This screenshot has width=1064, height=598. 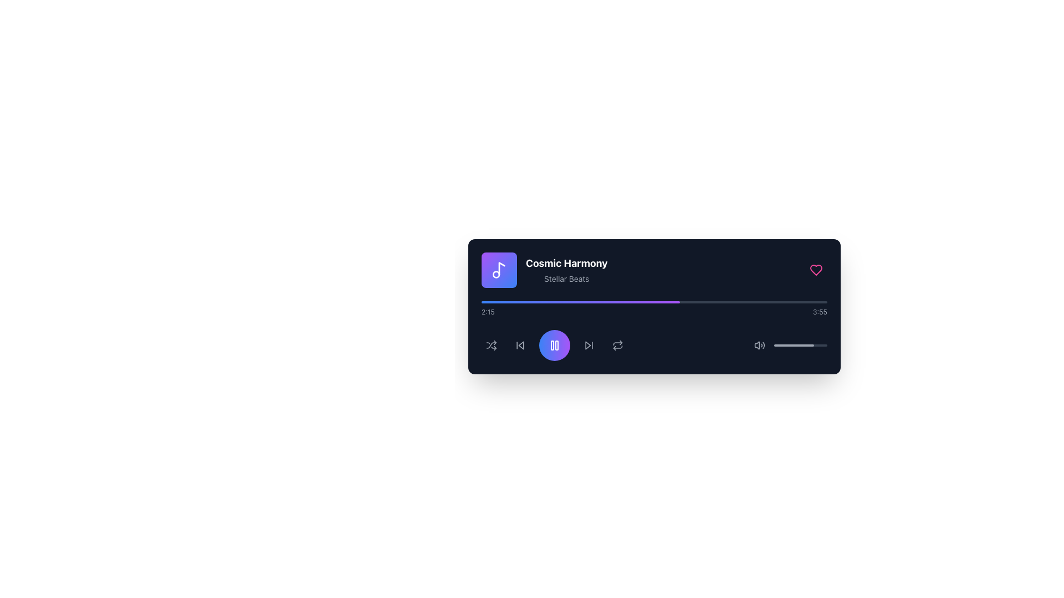 What do you see at coordinates (555, 345) in the screenshot?
I see `the pause button in the music playback control group to trigger a tooltip` at bounding box center [555, 345].